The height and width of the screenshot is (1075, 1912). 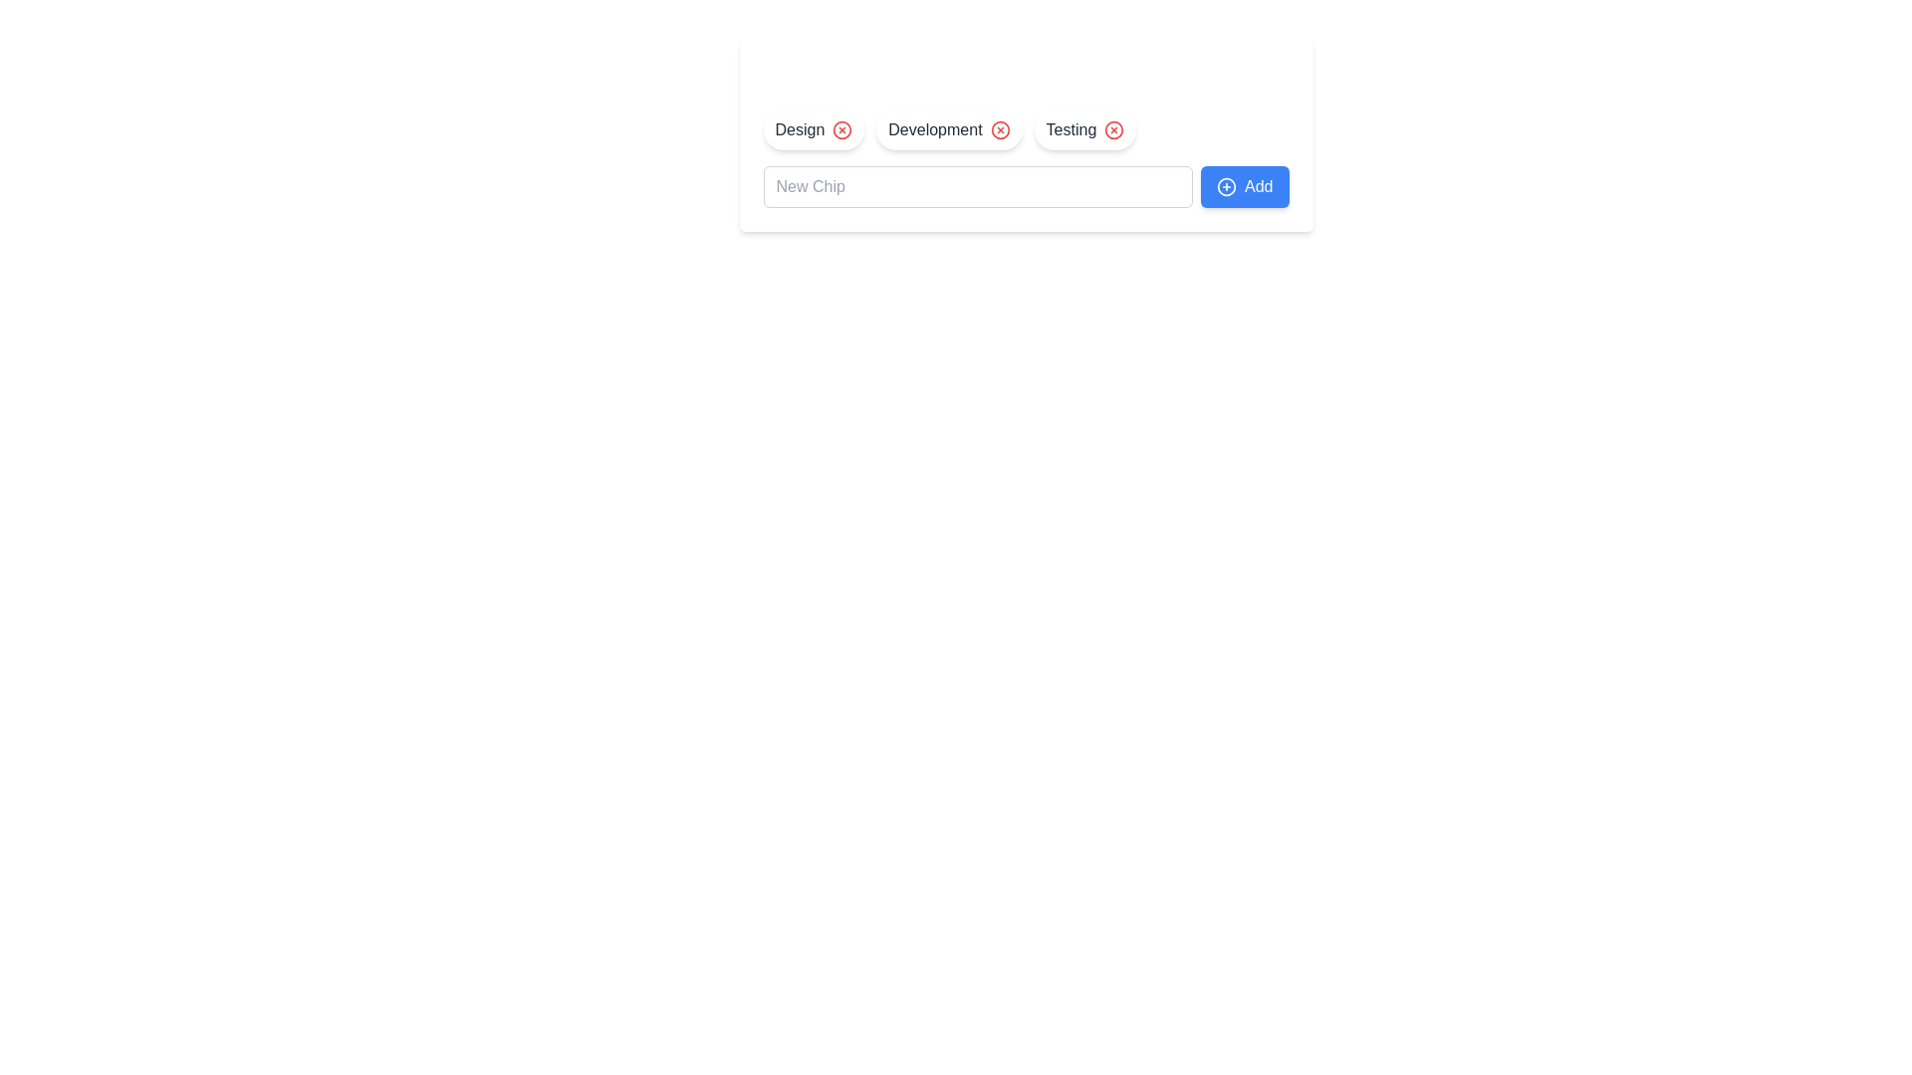 What do you see at coordinates (1113, 130) in the screenshot?
I see `the Delete Button for Testing element to observe UI feedback` at bounding box center [1113, 130].